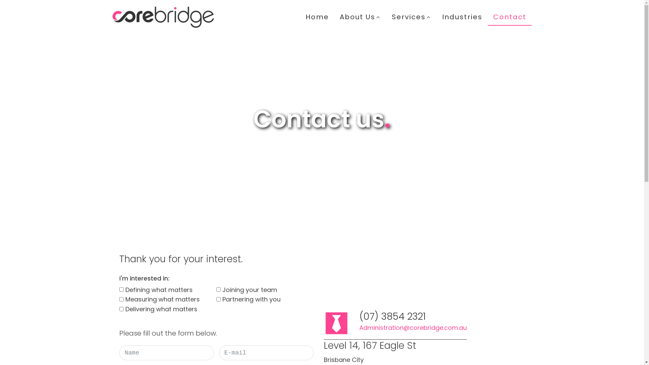  Describe the element at coordinates (462, 17) in the screenshot. I see `'Industries'` at that location.